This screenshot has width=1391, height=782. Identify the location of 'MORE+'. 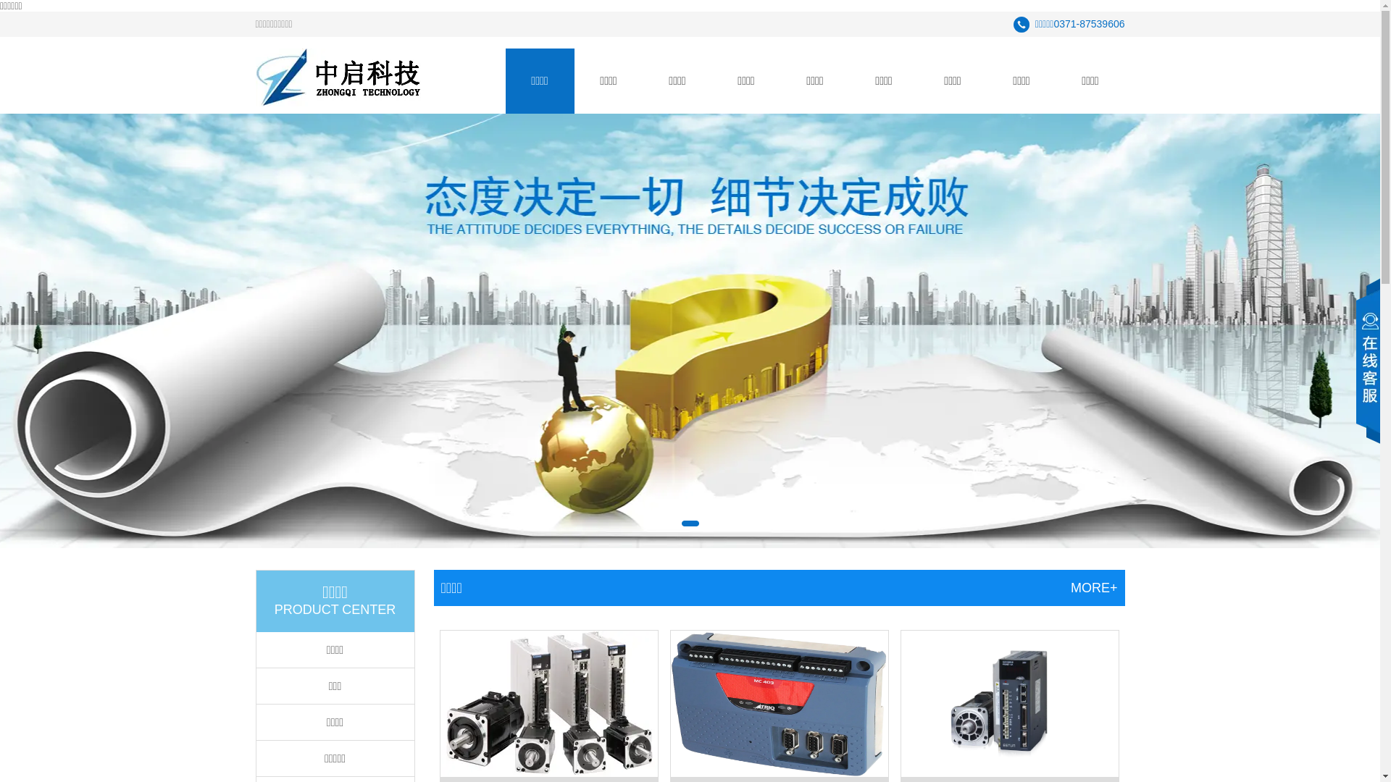
(1071, 588).